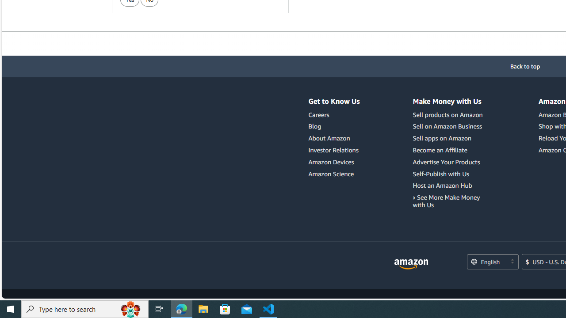  Describe the element at coordinates (333, 174) in the screenshot. I see `'Amazon Science'` at that location.